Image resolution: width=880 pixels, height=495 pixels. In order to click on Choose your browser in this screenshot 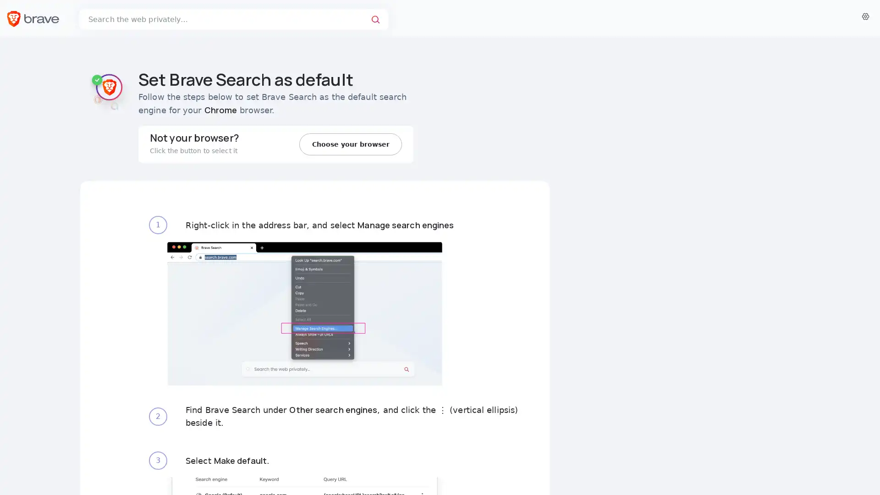, I will do `click(350, 144)`.